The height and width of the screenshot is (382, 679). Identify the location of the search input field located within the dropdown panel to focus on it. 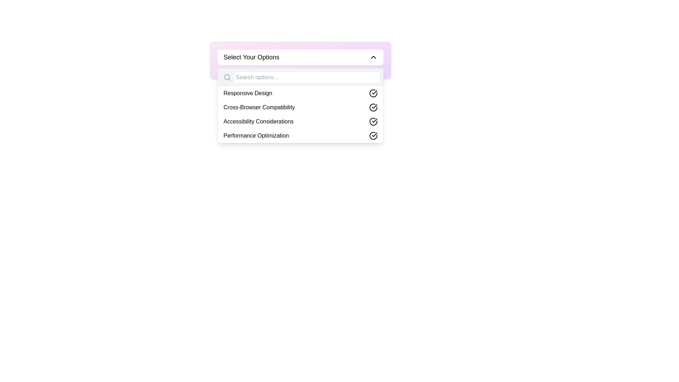
(300, 77).